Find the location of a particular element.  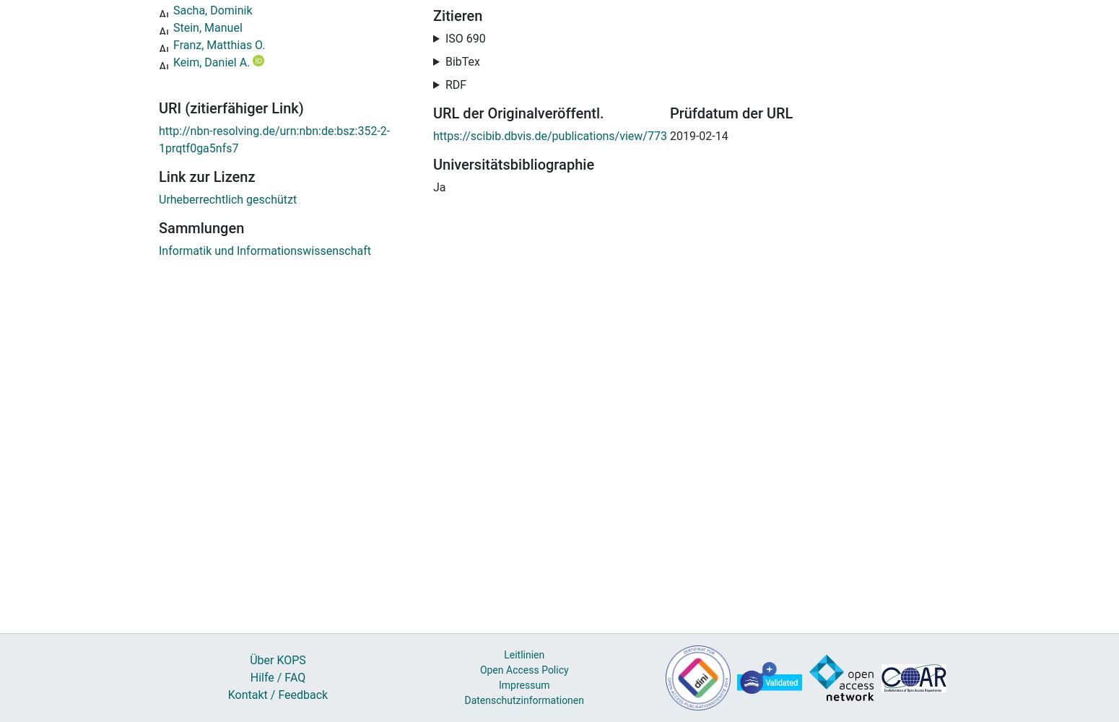

'Kontakt / Feedback' is located at coordinates (226, 694).